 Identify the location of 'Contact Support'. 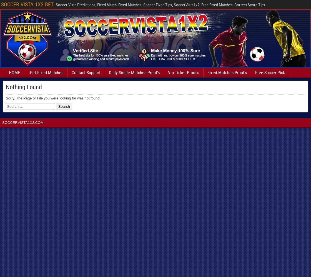
(86, 73).